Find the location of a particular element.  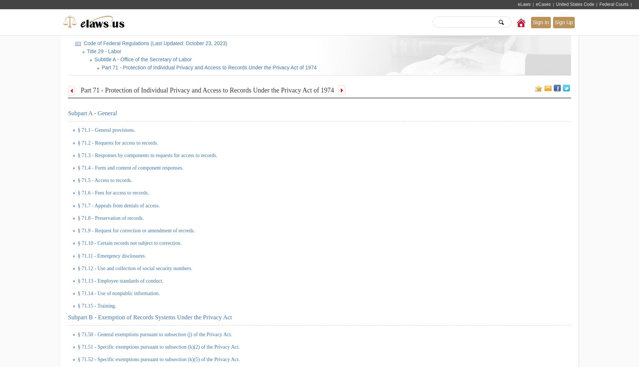

'Code of Federal Regulations (Last Updated: October 23, 2023)' is located at coordinates (82, 43).